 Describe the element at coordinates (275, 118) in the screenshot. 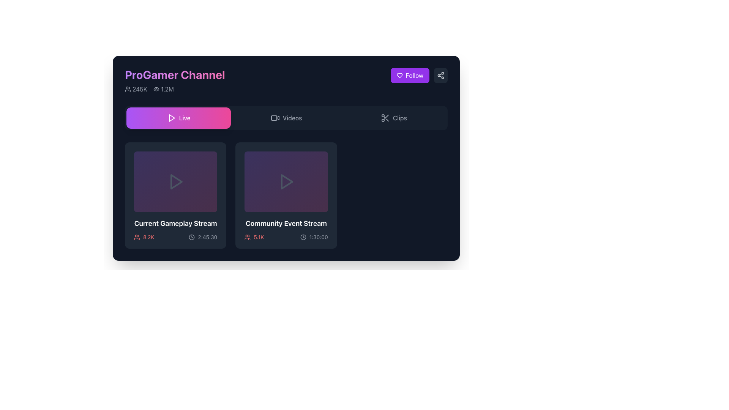

I see `the 'Videos' icon located in the navigation menu, which serves as a visual cue for the 'Videos' section` at that location.